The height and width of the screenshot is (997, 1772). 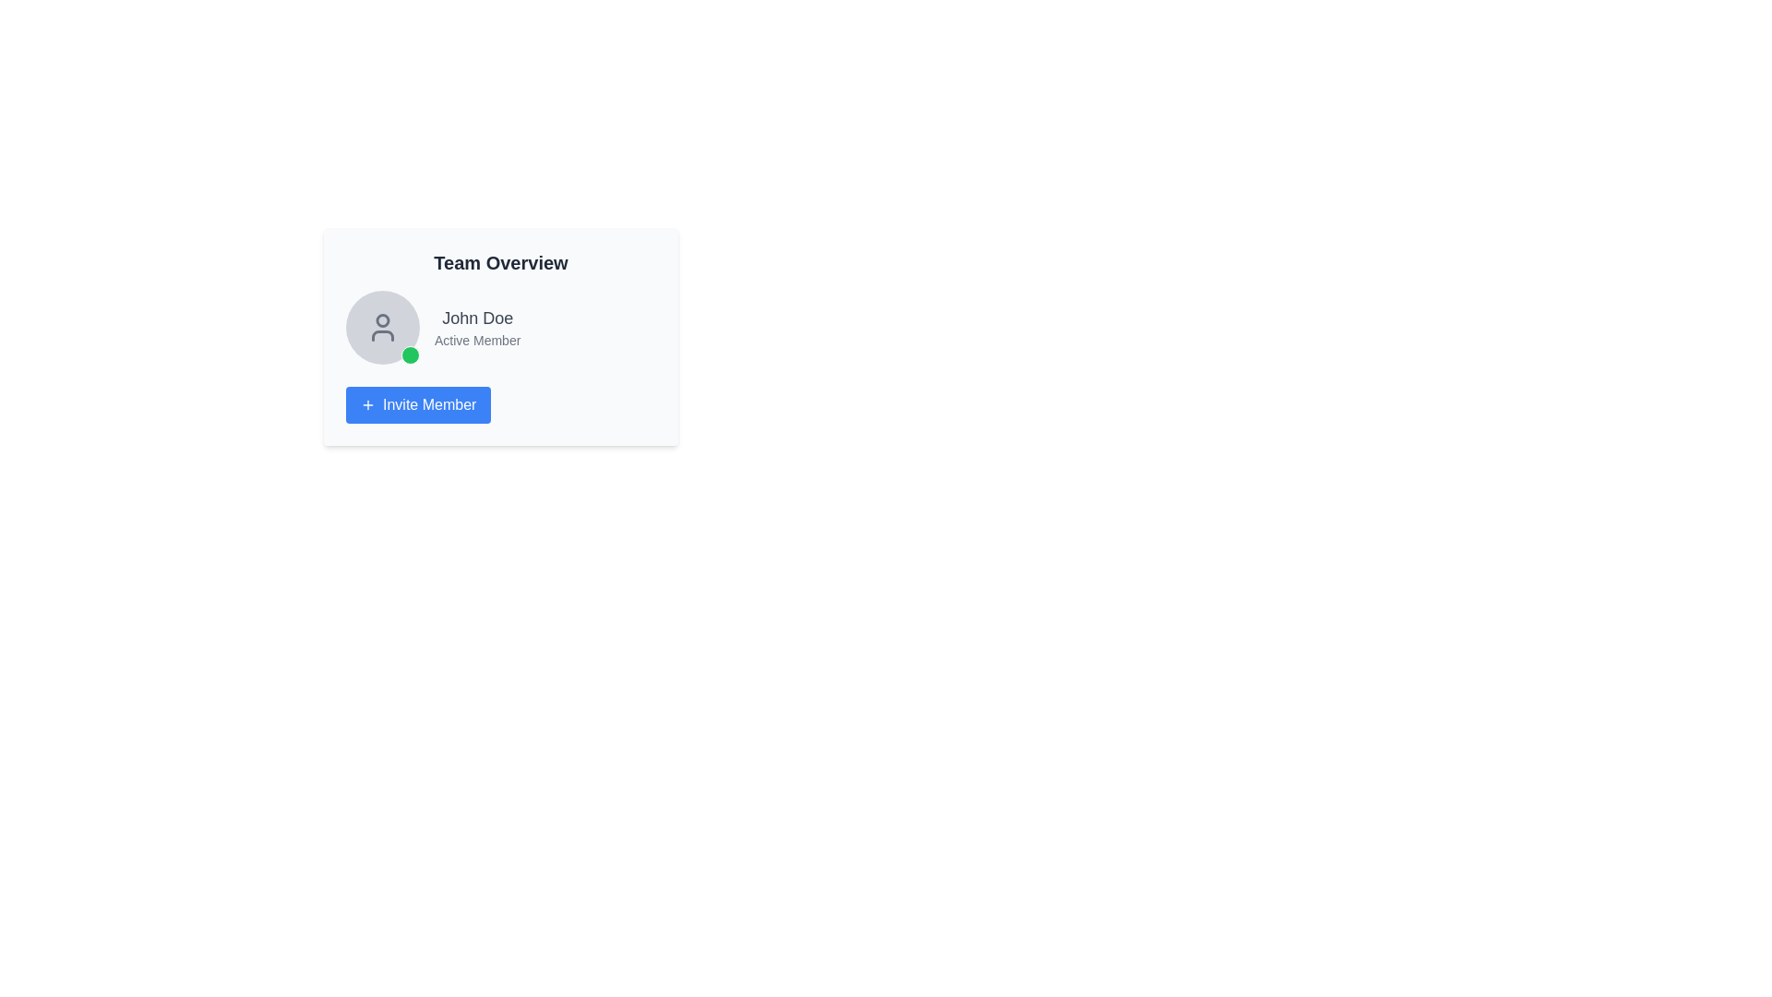 I want to click on the circular profile image of the user 'John Doe' located under the 'Team Overview' heading, so click(x=381, y=319).